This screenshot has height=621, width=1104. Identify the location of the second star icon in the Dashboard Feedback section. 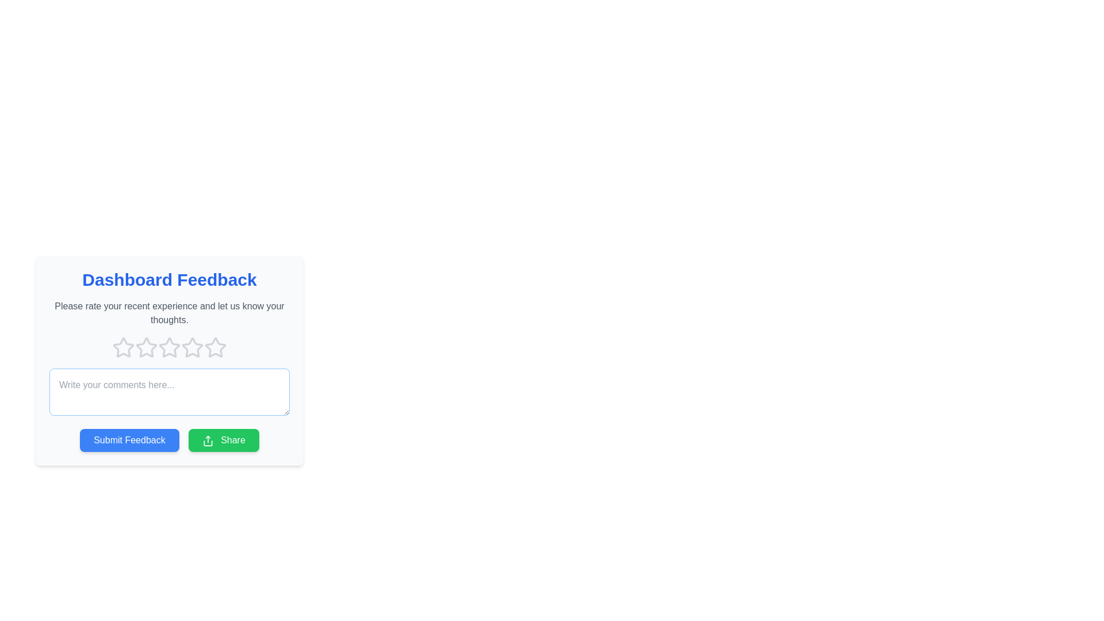
(145, 347).